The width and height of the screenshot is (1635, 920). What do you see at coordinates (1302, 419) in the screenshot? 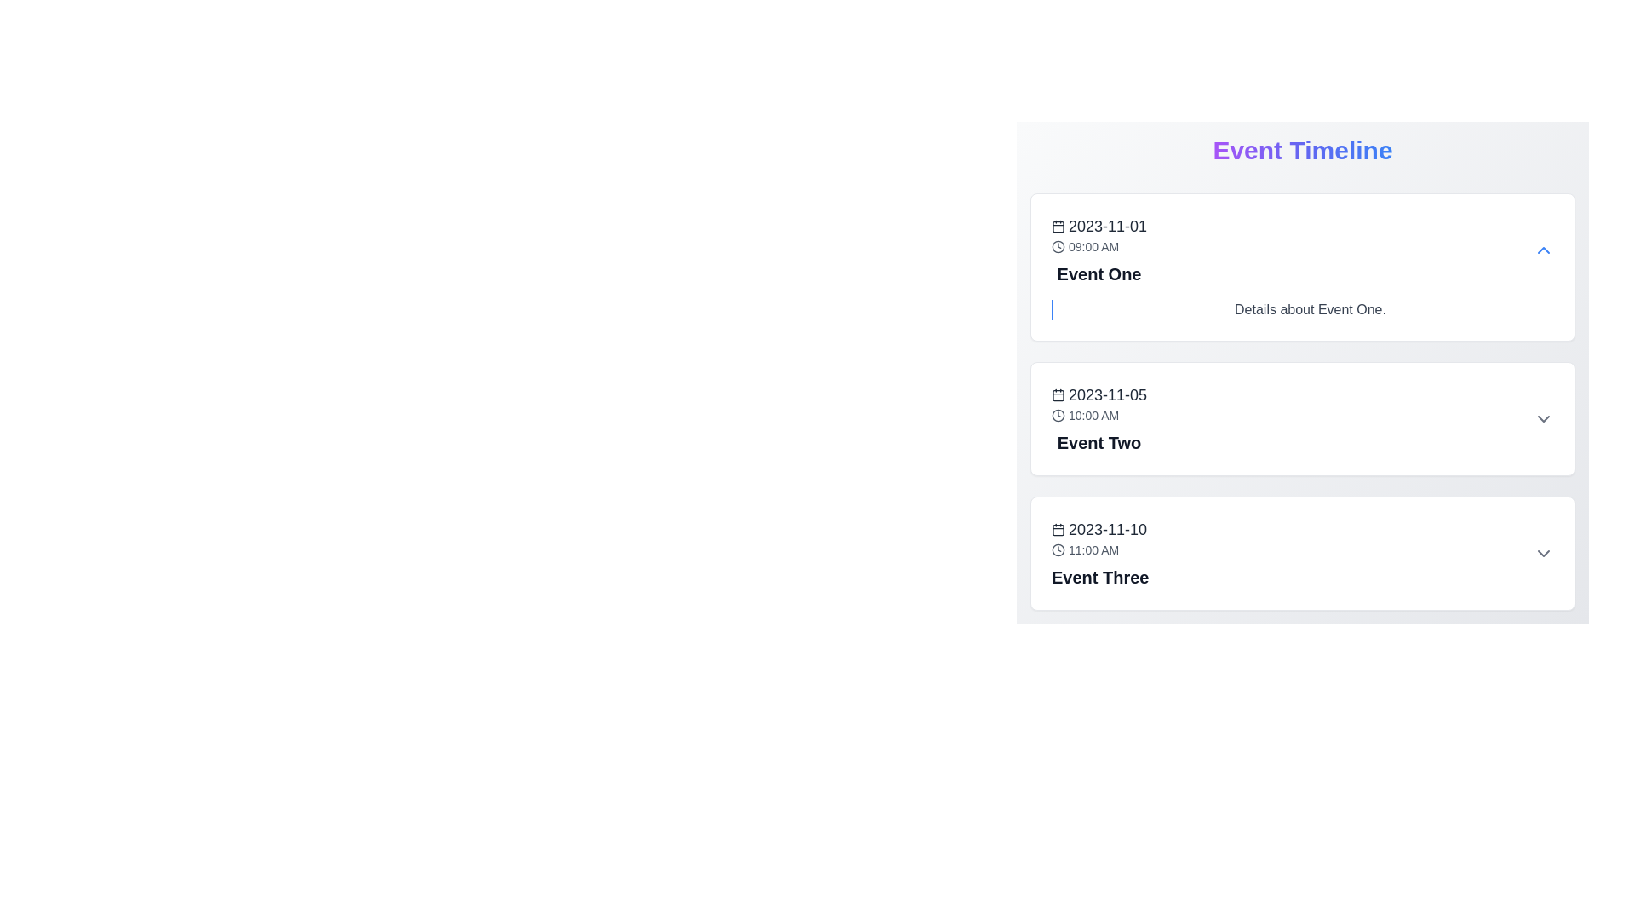
I see `the Card displaying event details located as the second card in the vertical list` at bounding box center [1302, 419].